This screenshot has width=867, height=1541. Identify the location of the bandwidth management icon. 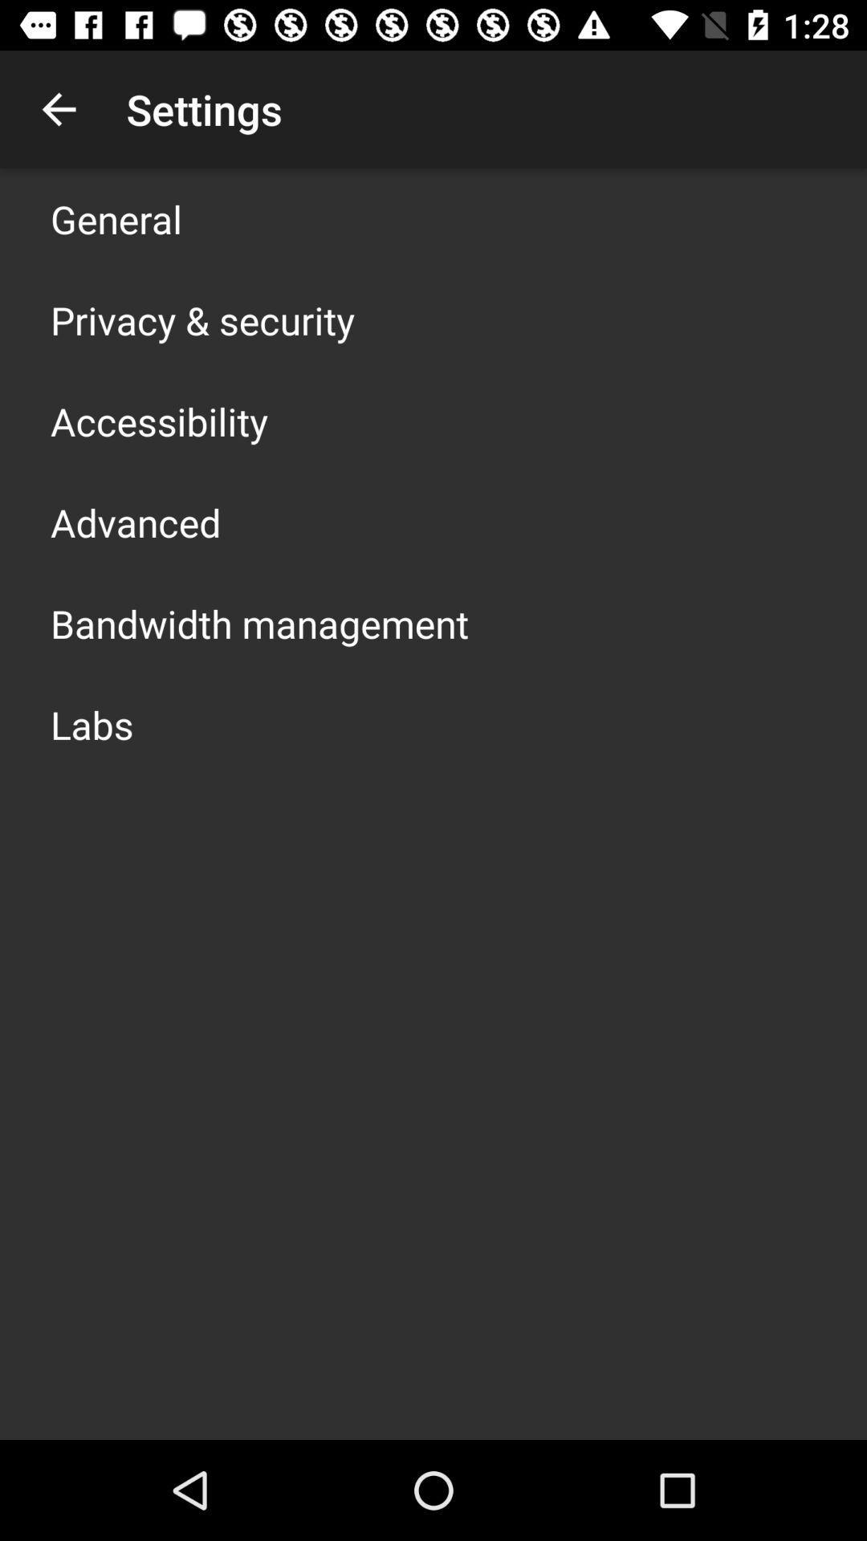
(258, 623).